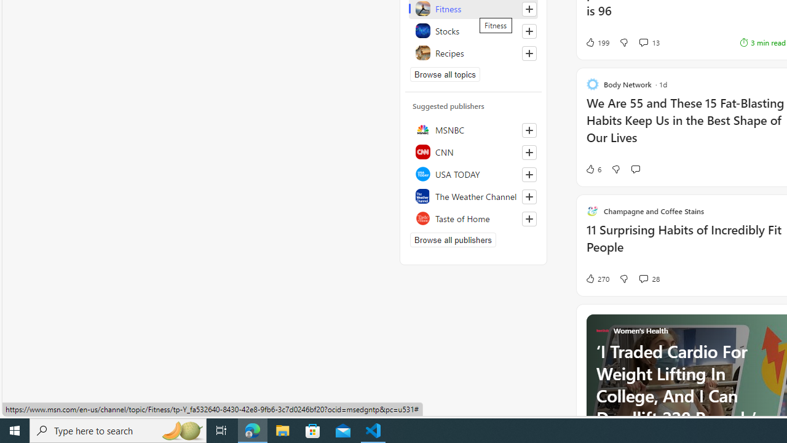 Image resolution: width=787 pixels, height=443 pixels. I want to click on 'Follow this source', so click(529, 218).